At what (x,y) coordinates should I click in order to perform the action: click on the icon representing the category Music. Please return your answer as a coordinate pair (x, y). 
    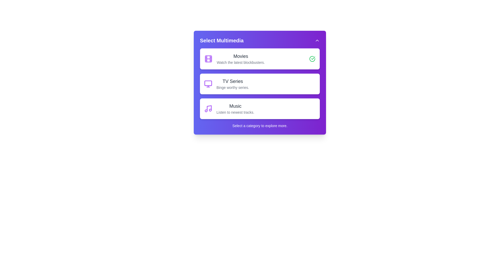
    Looking at the image, I should click on (208, 108).